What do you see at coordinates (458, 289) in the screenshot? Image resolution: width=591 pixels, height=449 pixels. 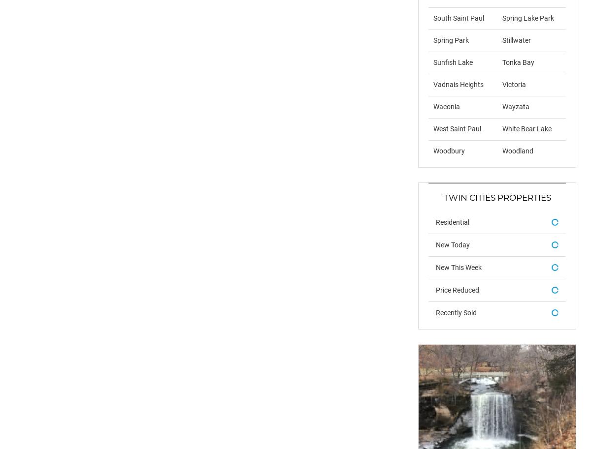 I see `'Price Reduced'` at bounding box center [458, 289].